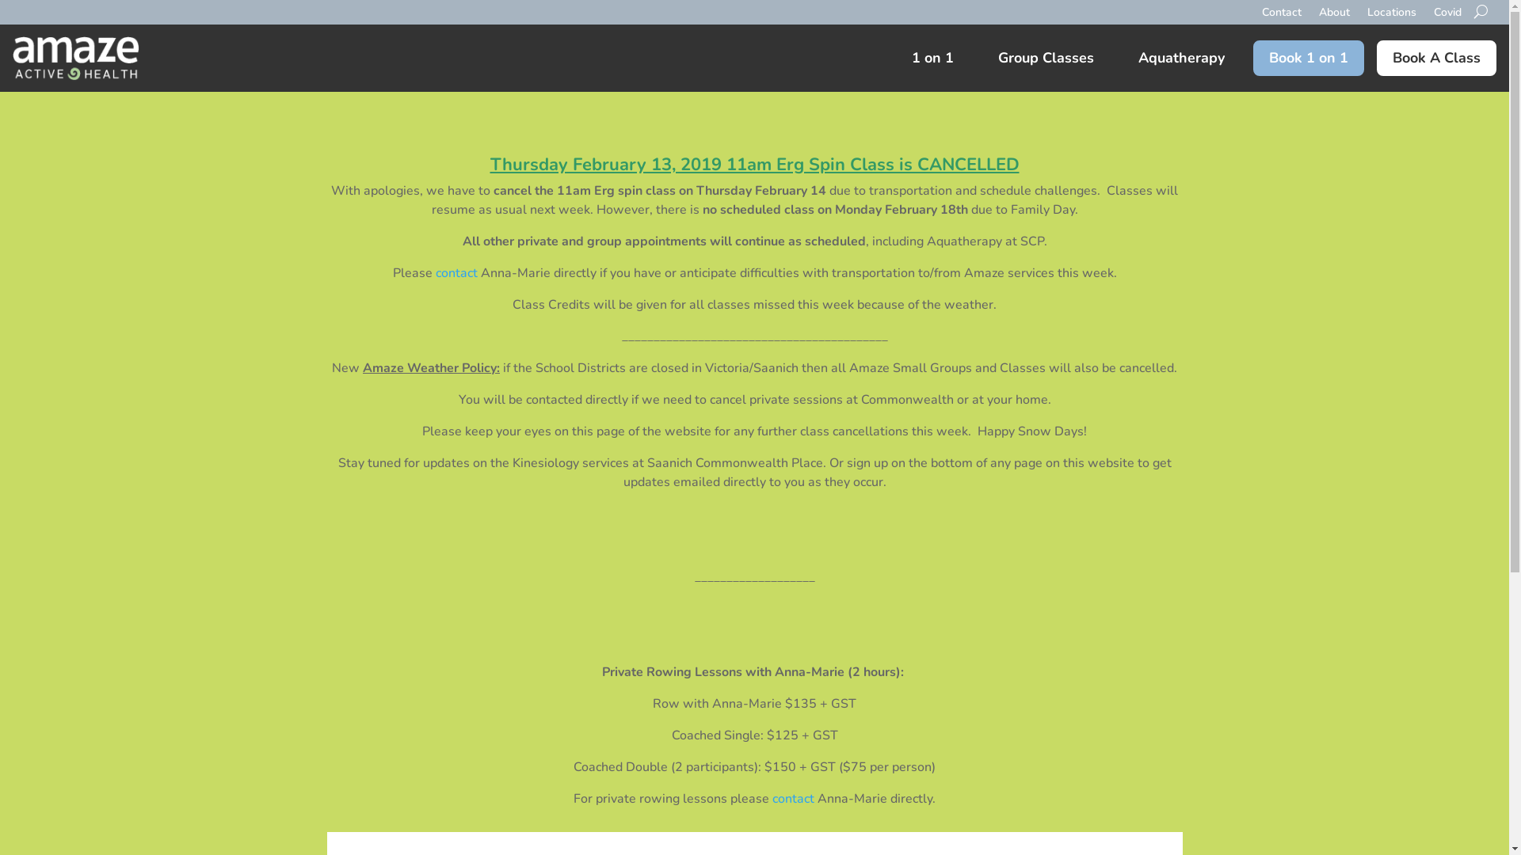  Describe the element at coordinates (1447, 24) in the screenshot. I see `'Covid'` at that location.